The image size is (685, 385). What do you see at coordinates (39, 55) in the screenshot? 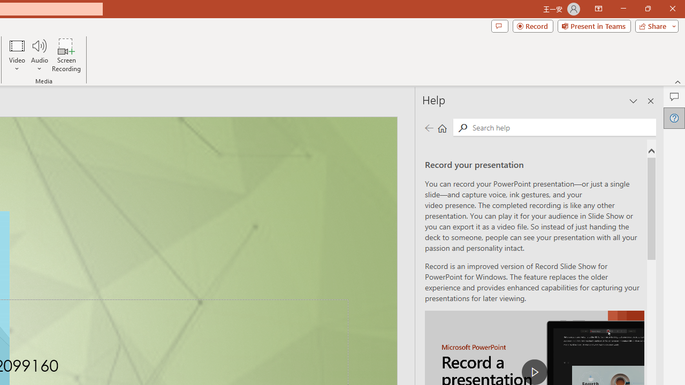
I see `'Audio'` at bounding box center [39, 55].